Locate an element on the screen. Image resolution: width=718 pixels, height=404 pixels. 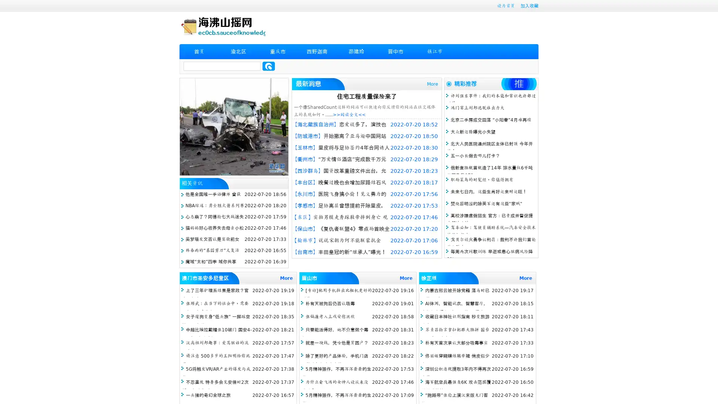
Search is located at coordinates (269, 66).